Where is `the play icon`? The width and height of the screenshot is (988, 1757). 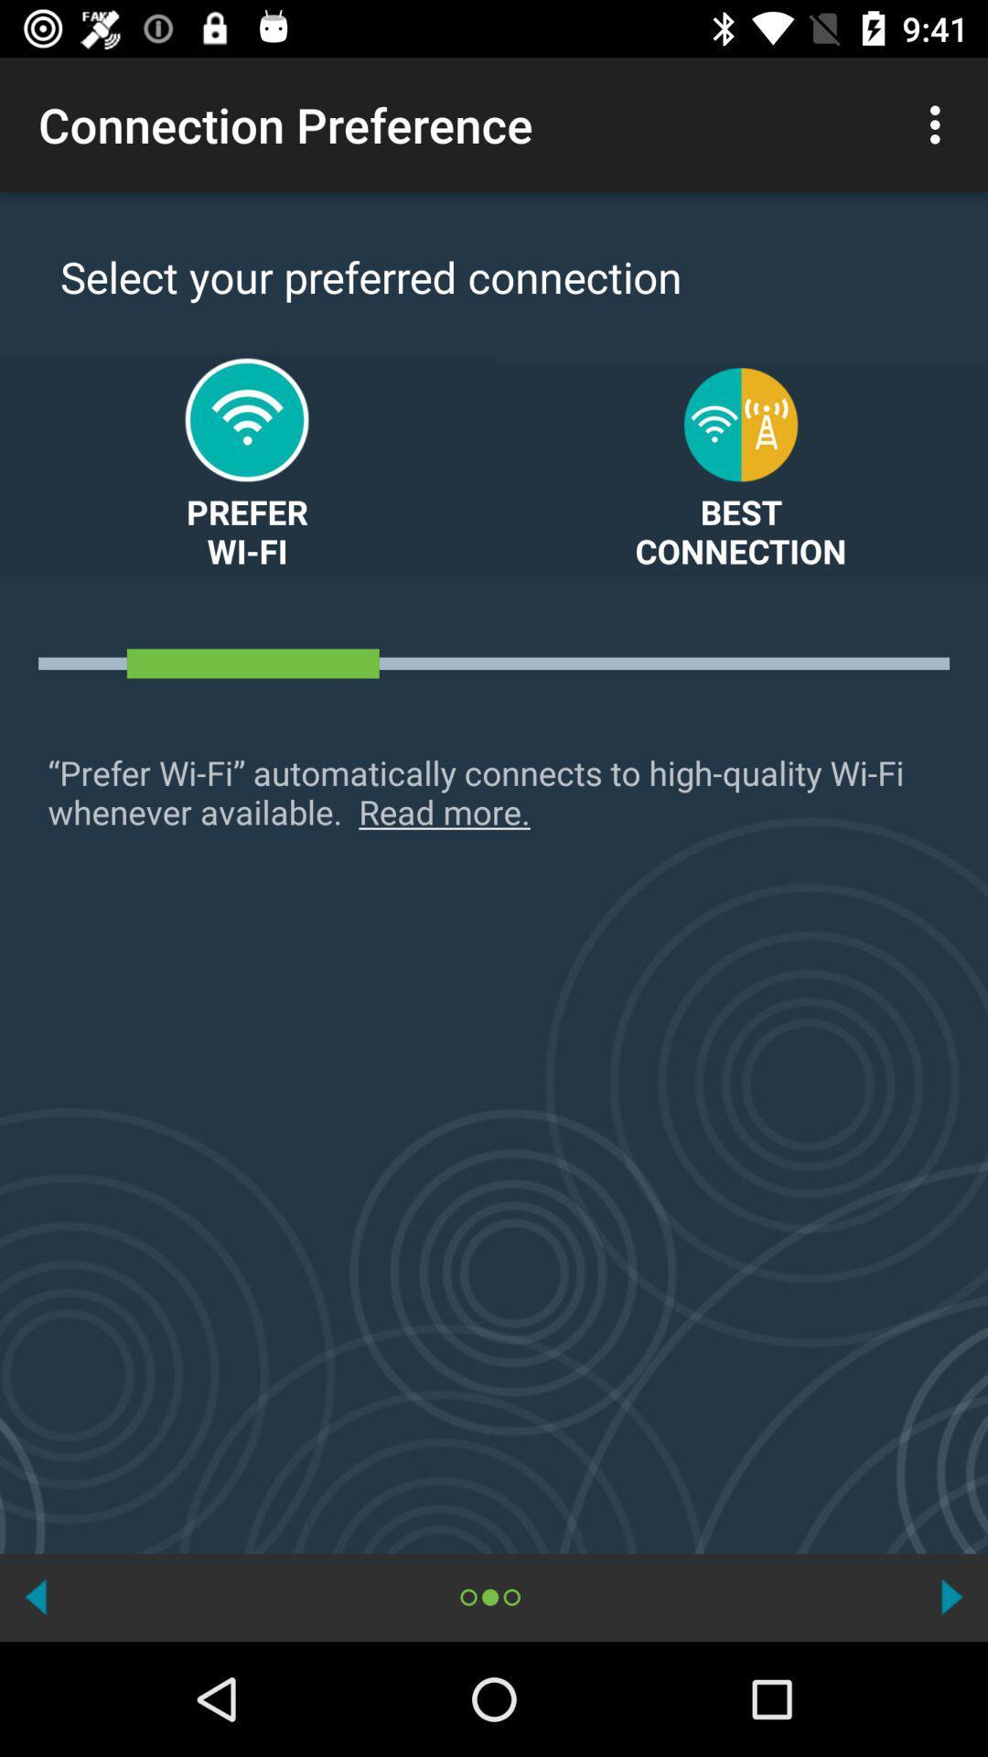 the play icon is located at coordinates (950, 1596).